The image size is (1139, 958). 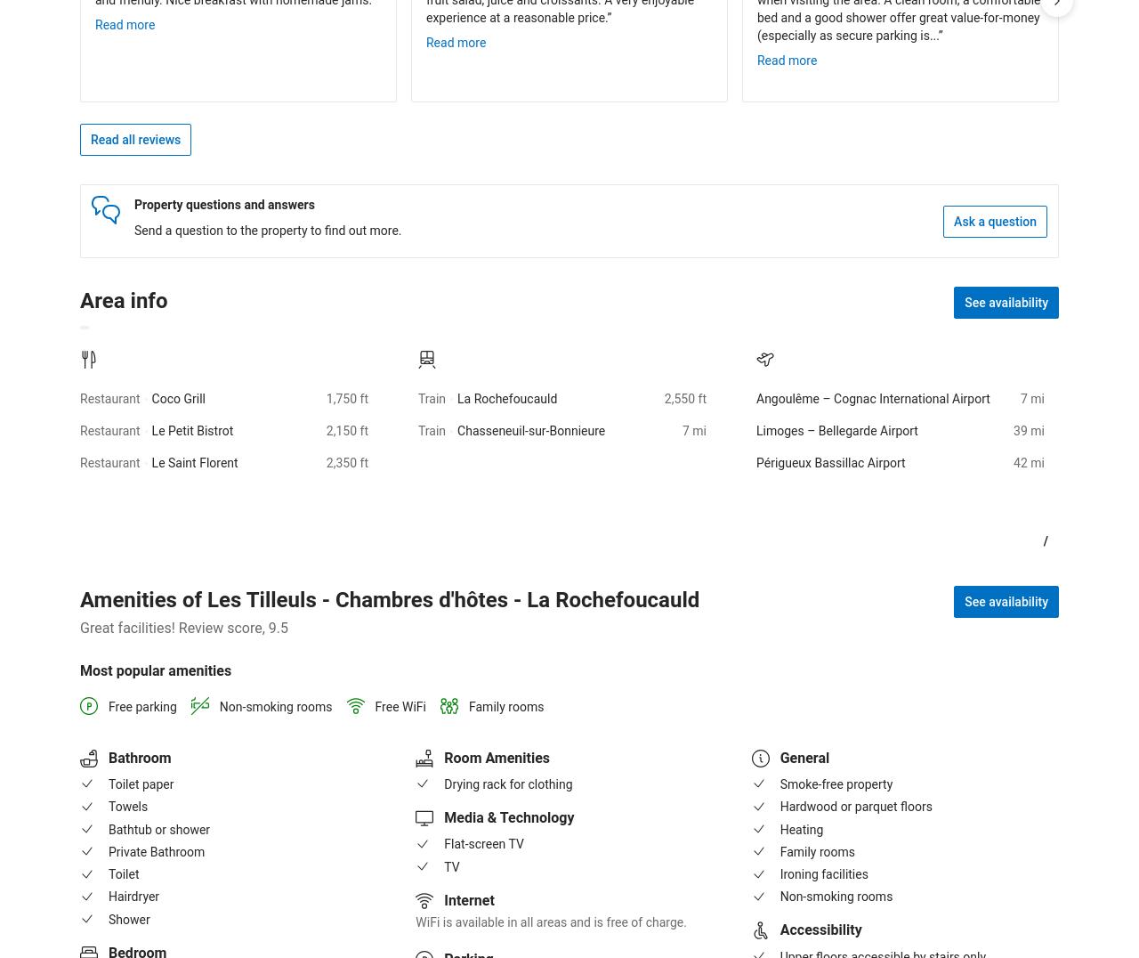 I want to click on 'General', so click(x=804, y=756).